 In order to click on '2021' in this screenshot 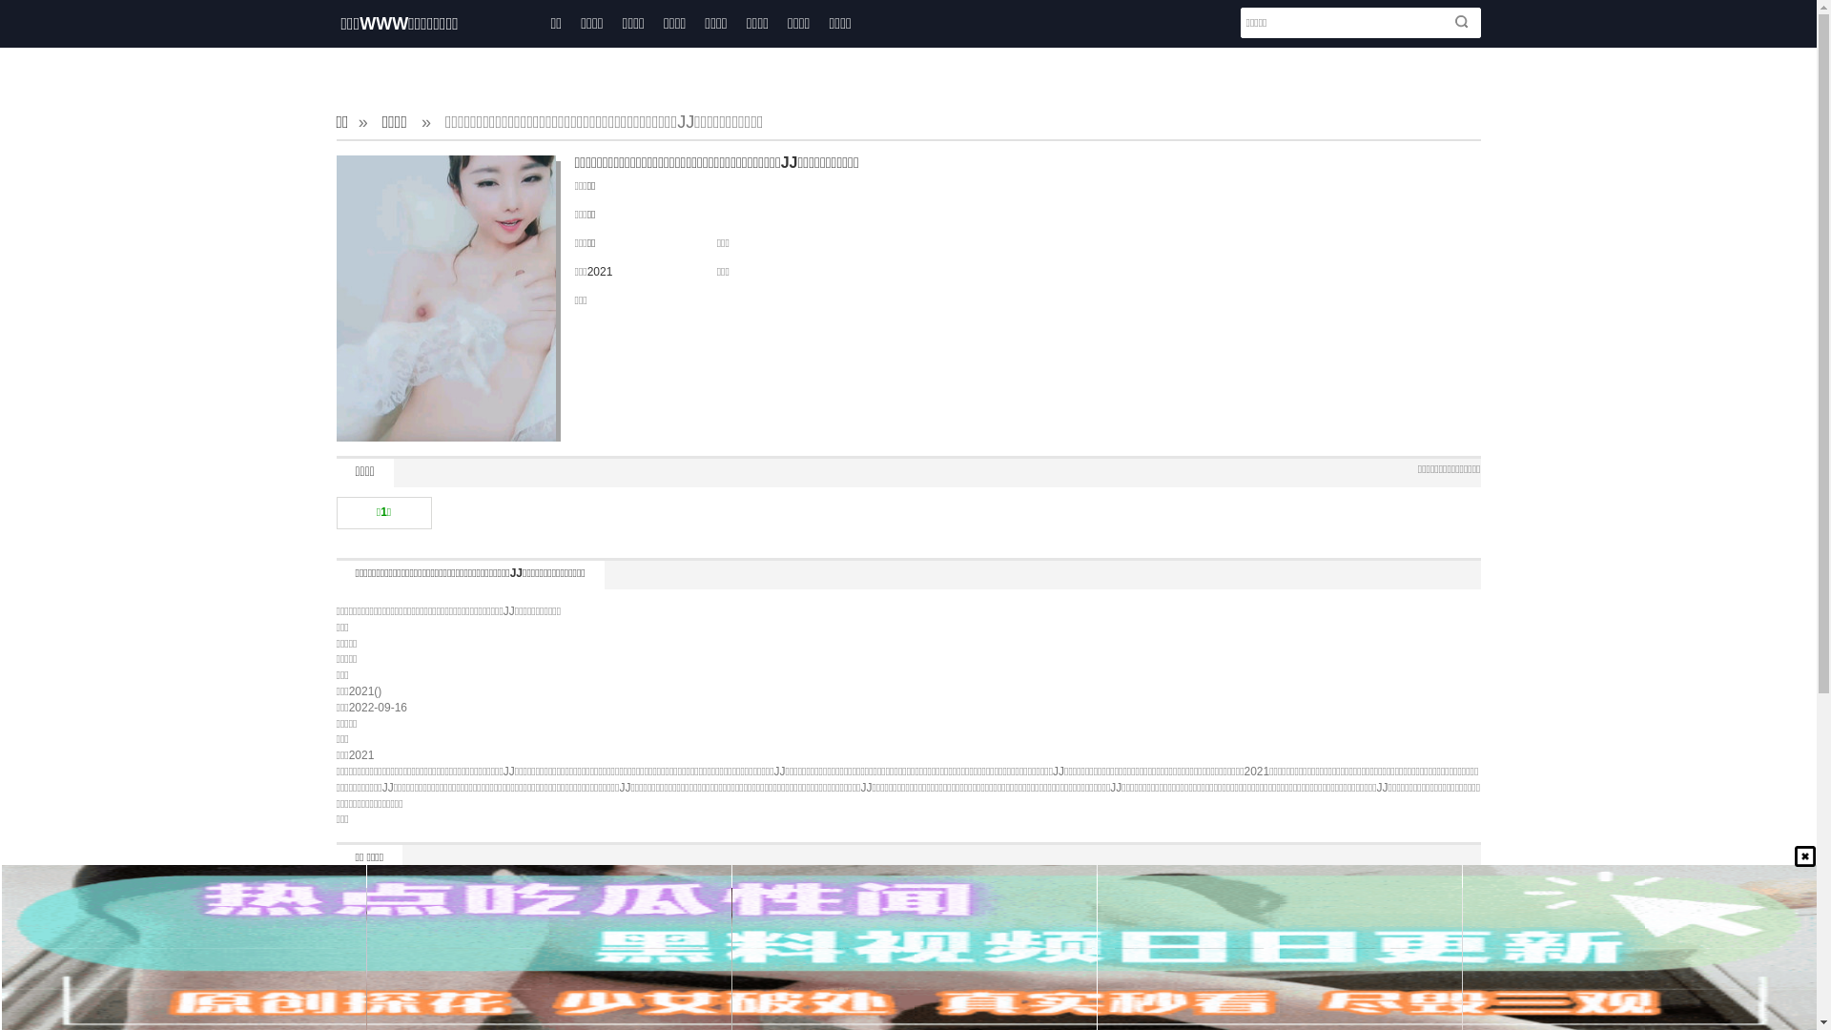, I will do `click(599, 272)`.